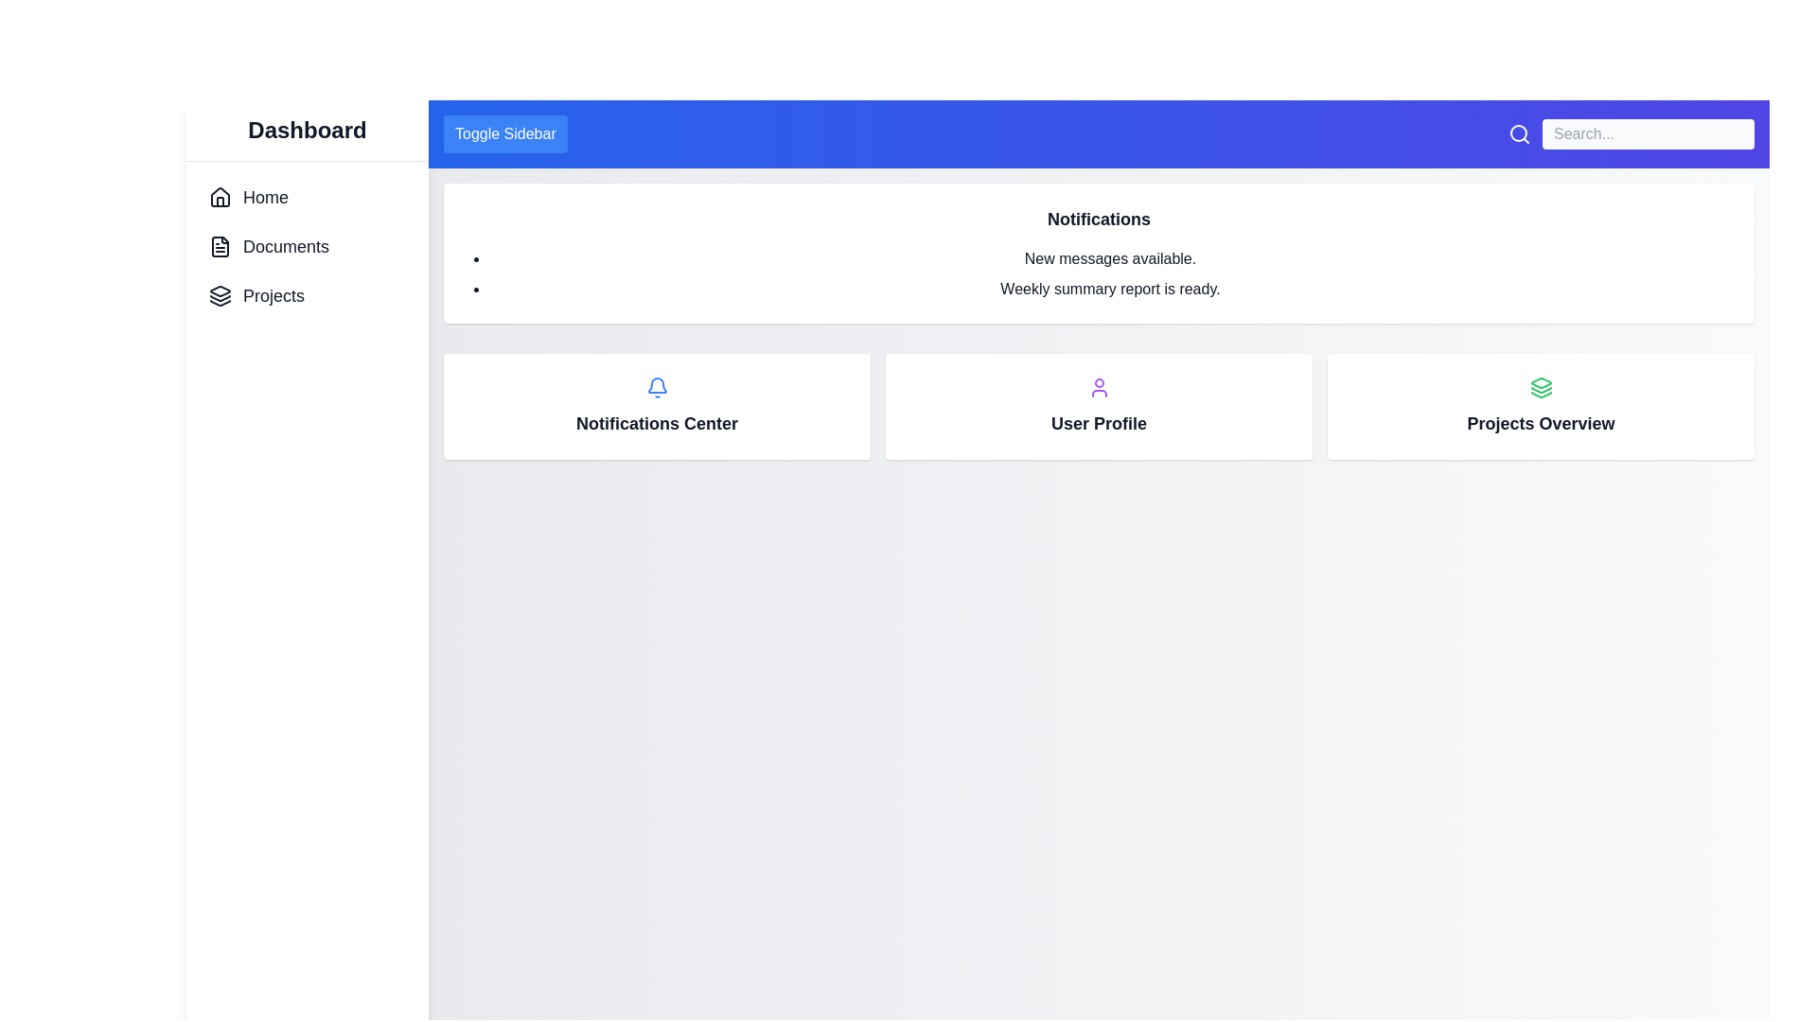  I want to click on the clickable card containing a purple user icon and the text 'User Profile' in bold black font, so click(1099, 405).